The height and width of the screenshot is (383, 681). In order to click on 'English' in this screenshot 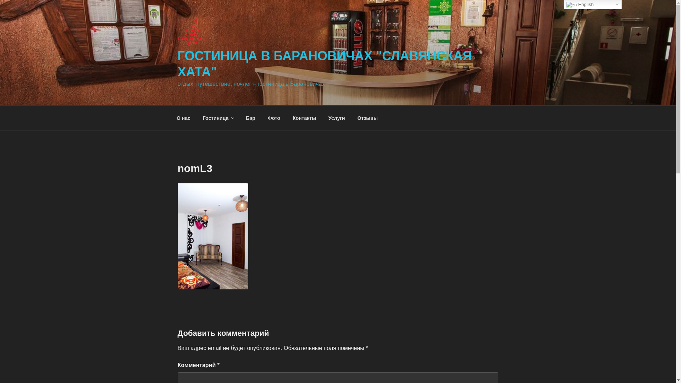, I will do `click(563, 4)`.